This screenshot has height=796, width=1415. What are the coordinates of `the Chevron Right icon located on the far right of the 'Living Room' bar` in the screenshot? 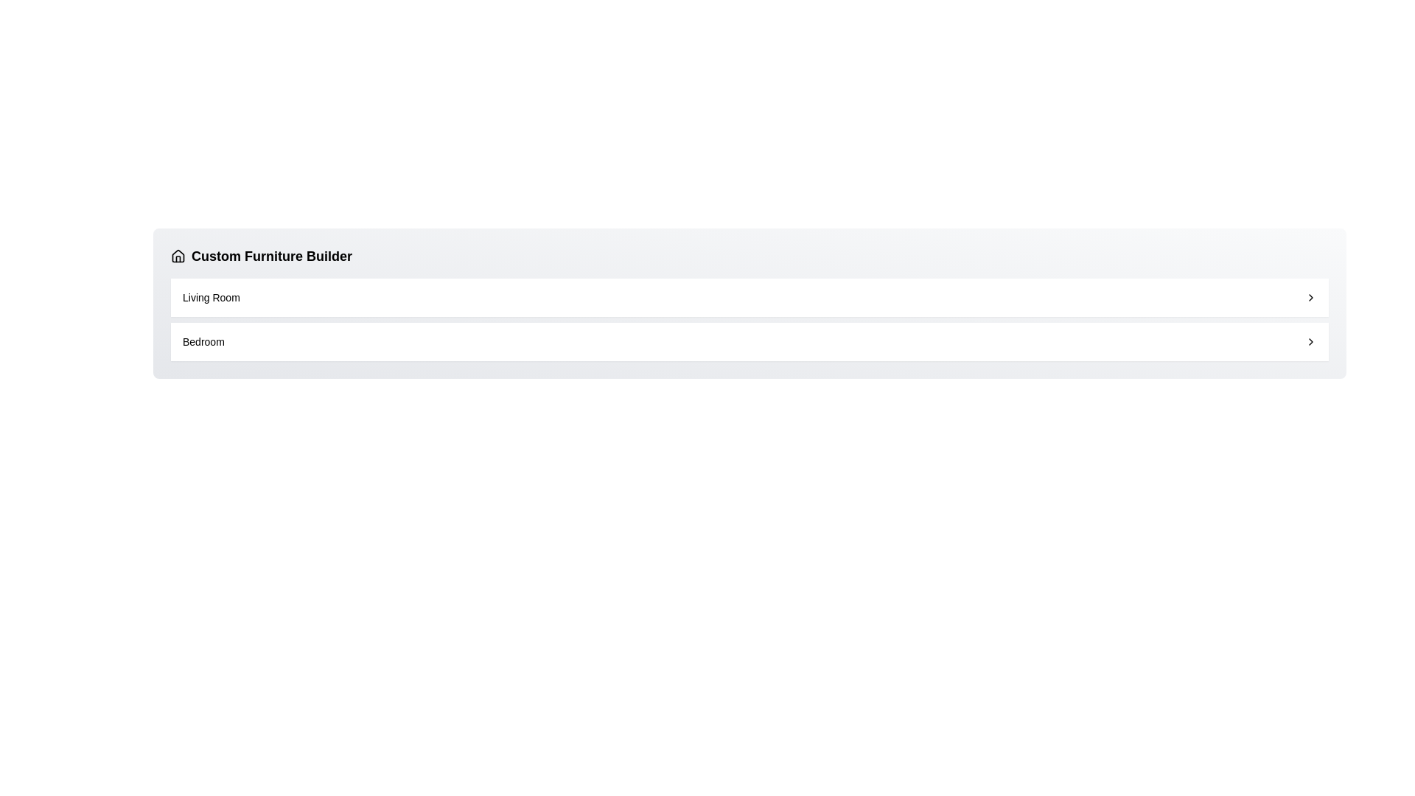 It's located at (1311, 298).